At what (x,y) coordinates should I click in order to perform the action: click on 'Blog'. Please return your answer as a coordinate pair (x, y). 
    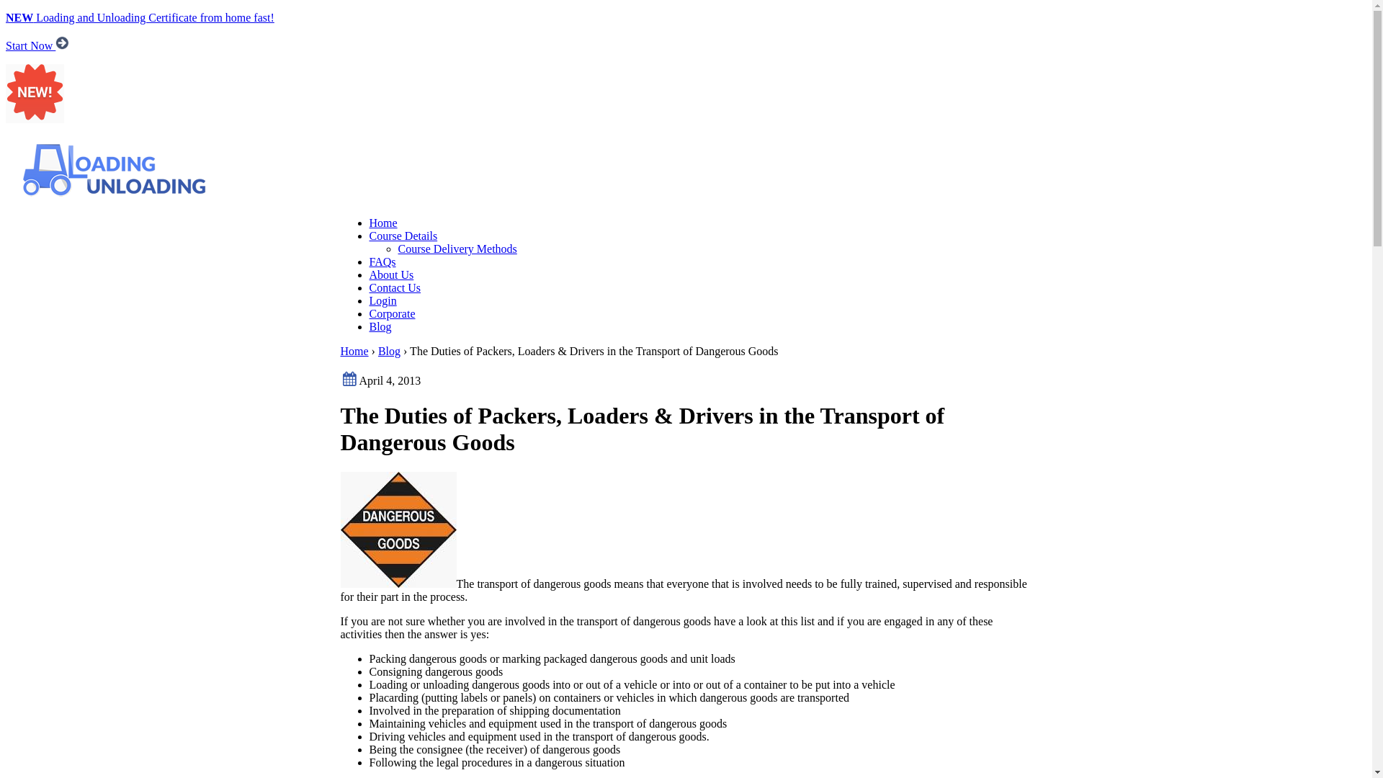
    Looking at the image, I should click on (380, 326).